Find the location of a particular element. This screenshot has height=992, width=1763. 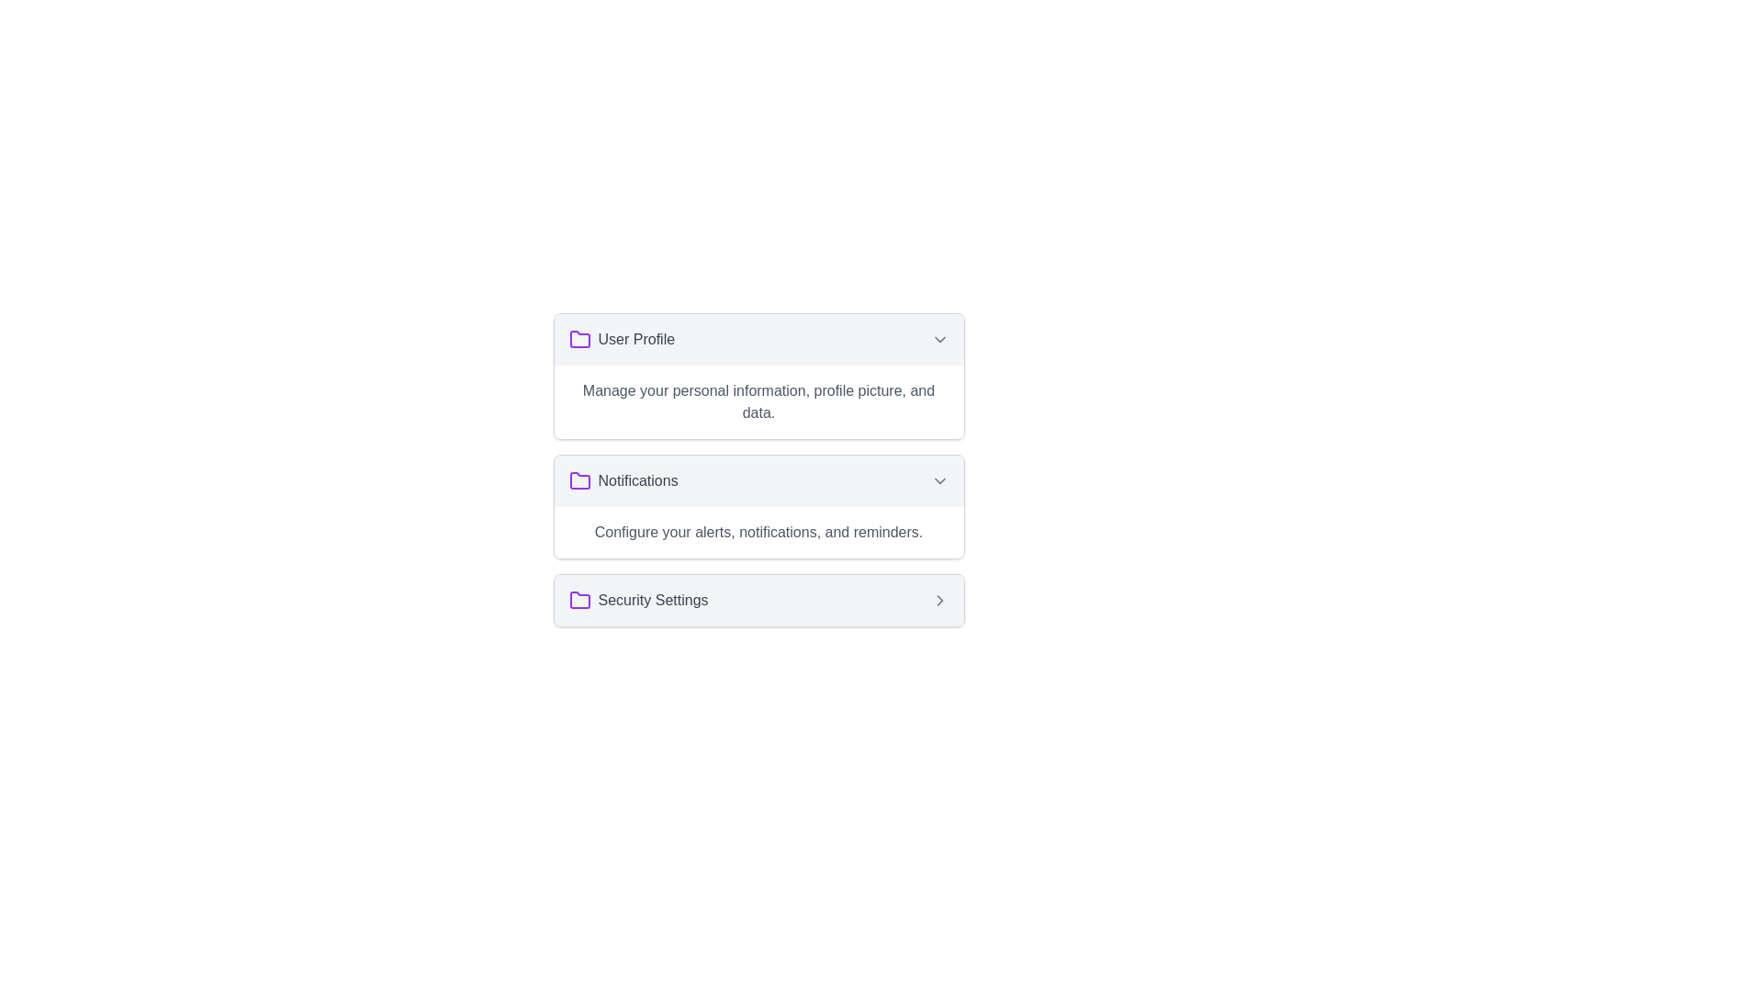

the Label or Text Description that informs users about the 'Notifications' section, located directly underneath the title 'Notifications' within the dropdown panel is located at coordinates (758, 532).